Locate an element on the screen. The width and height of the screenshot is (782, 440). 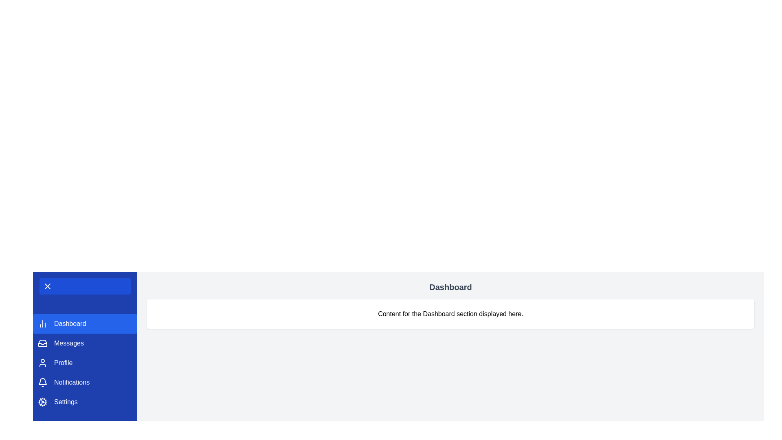
the user icon representing the 'Profile' option in the vertical navigation menu, located in the third list item is located at coordinates (42, 363).